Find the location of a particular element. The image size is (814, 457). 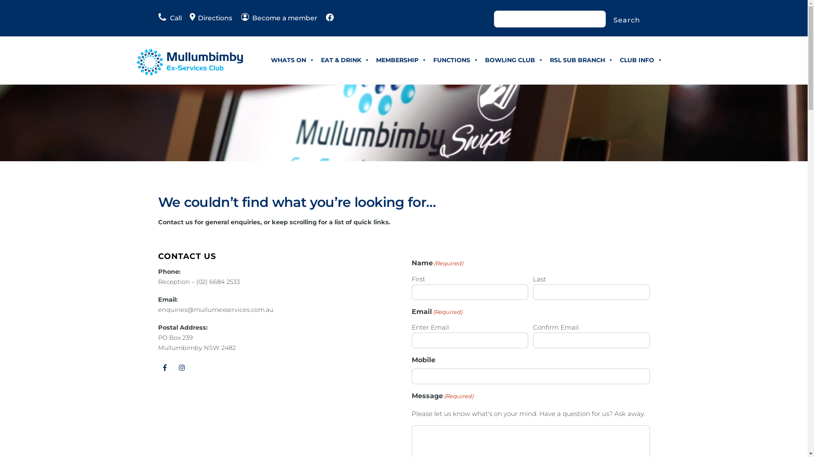

'Call' is located at coordinates (169, 18).